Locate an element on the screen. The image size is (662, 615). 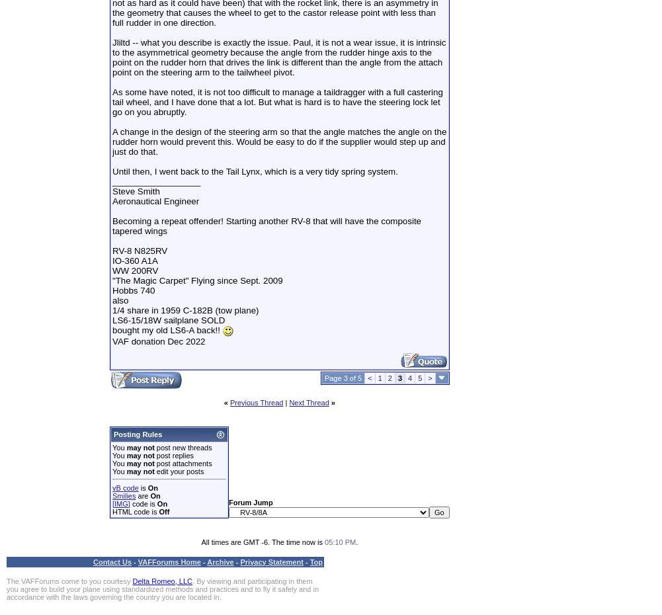
'05:10 PM' is located at coordinates (339, 540).